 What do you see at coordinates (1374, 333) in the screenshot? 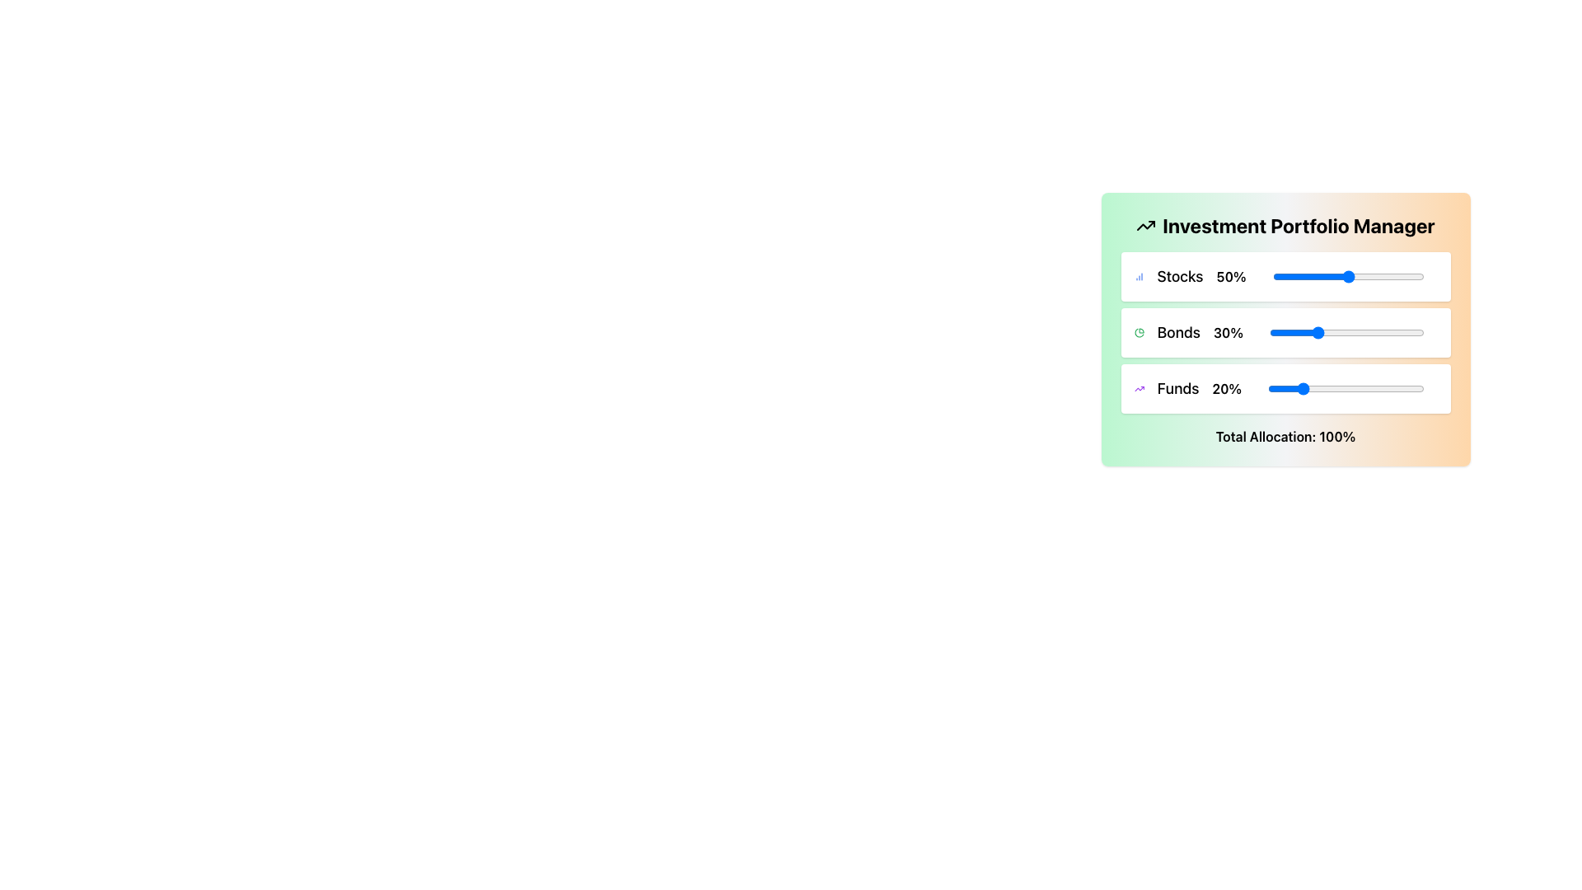
I see `the Bonds slider value` at bounding box center [1374, 333].